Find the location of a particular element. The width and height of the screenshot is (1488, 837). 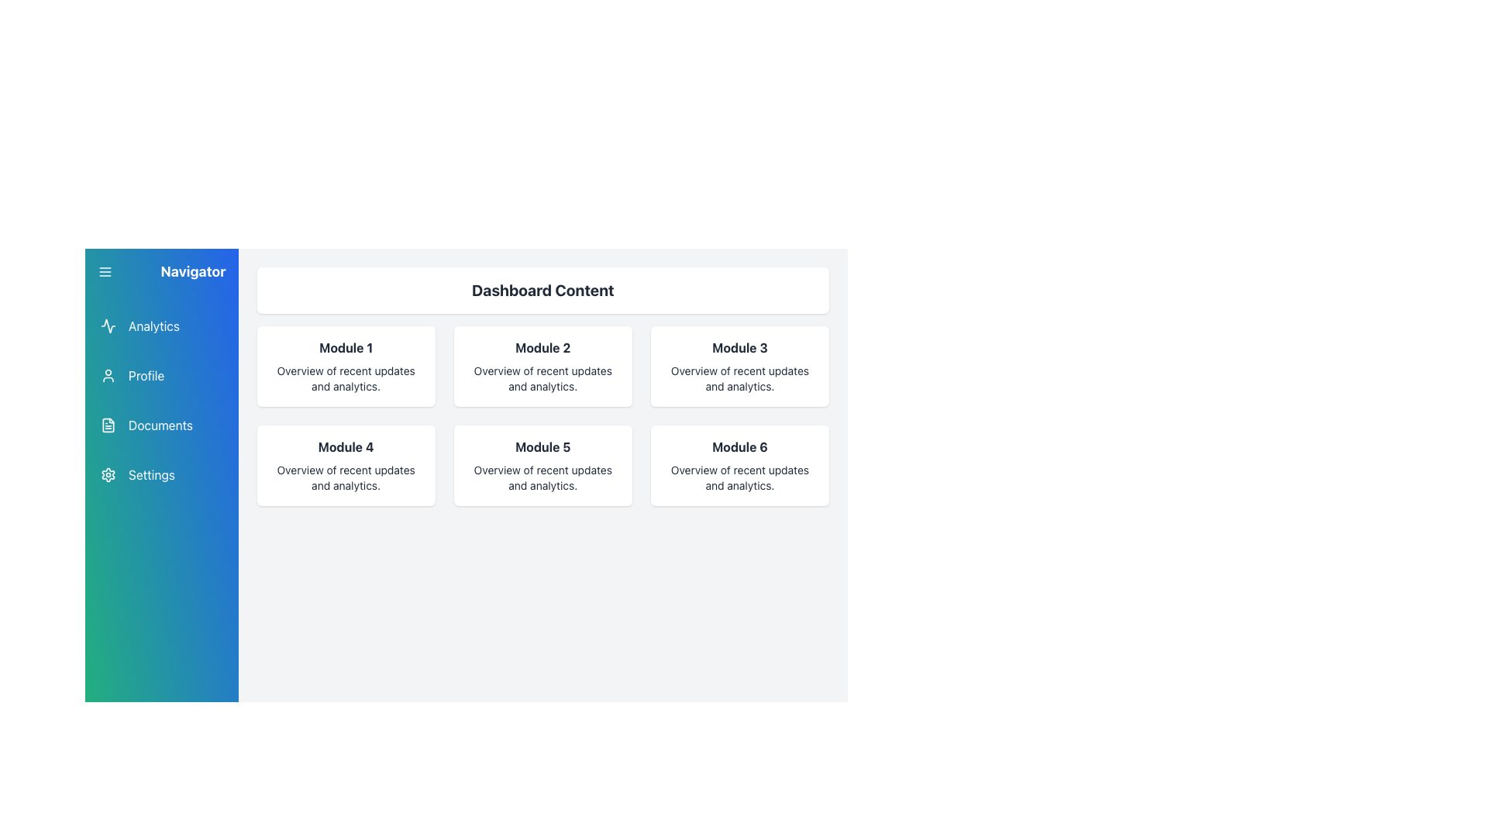

the 'Profile' button in the sidebar menu is located at coordinates (161, 376).